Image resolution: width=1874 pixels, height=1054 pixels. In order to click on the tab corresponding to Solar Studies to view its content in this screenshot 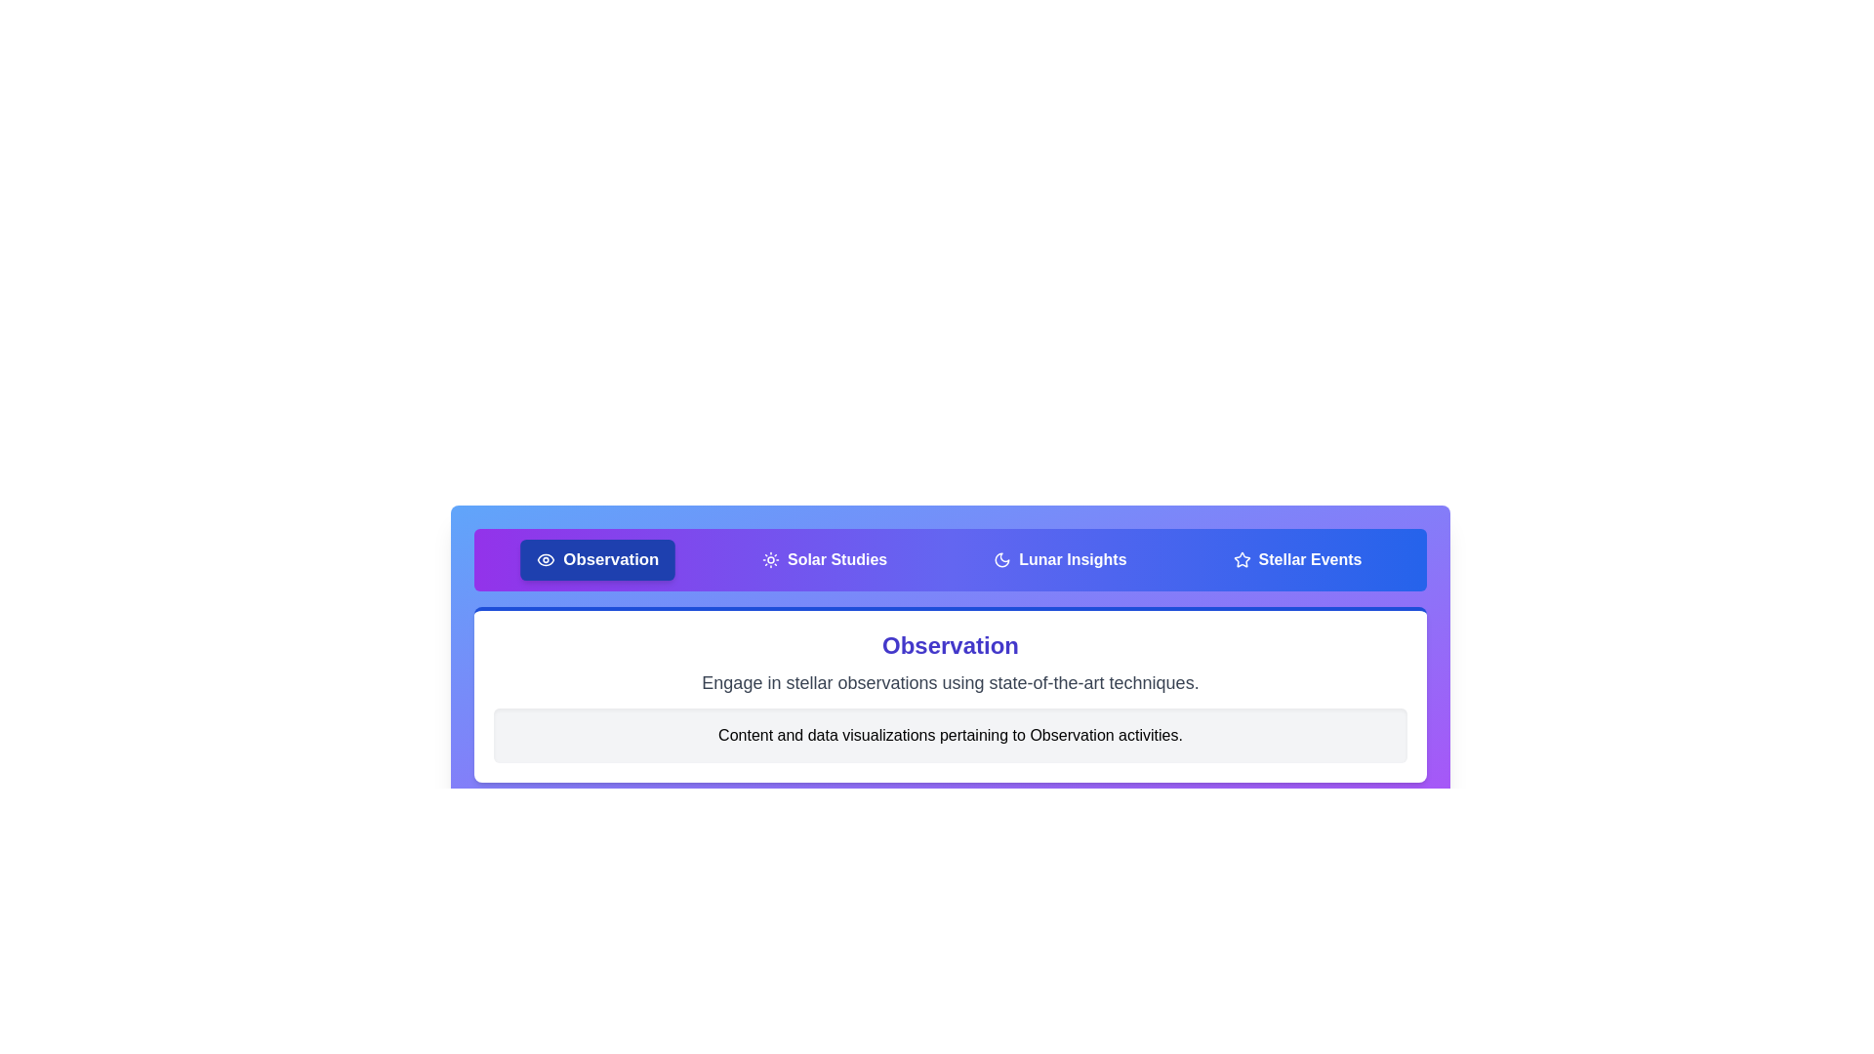, I will do `click(824, 560)`.